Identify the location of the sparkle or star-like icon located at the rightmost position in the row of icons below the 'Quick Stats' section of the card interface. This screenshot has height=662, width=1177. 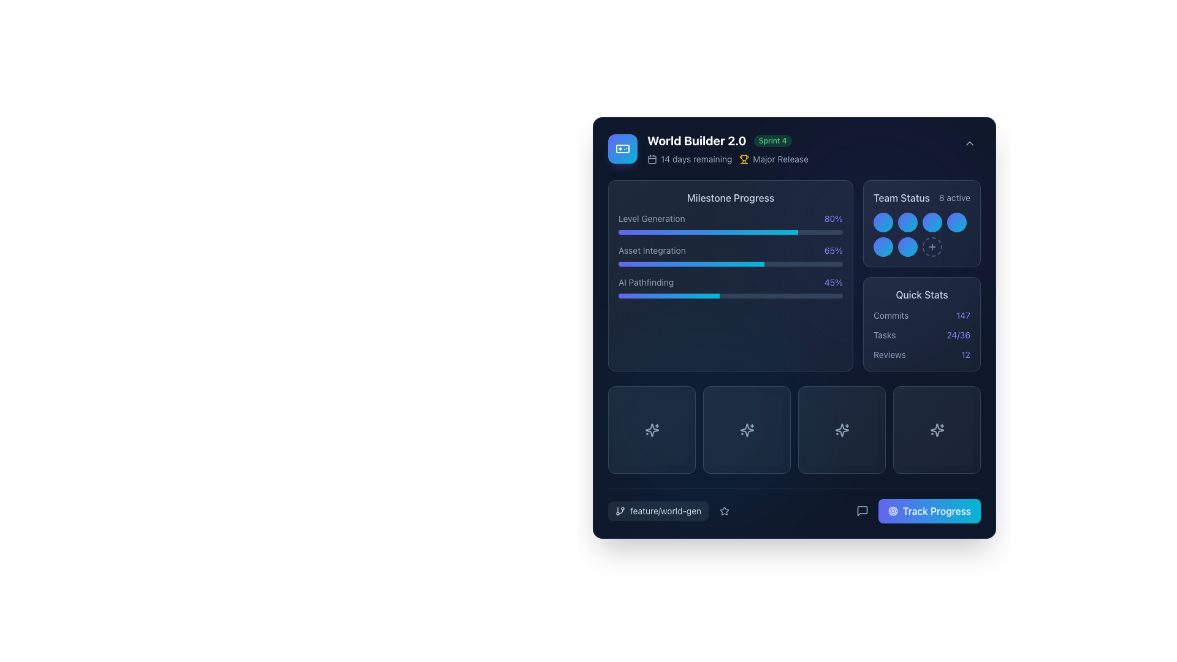
(936, 429).